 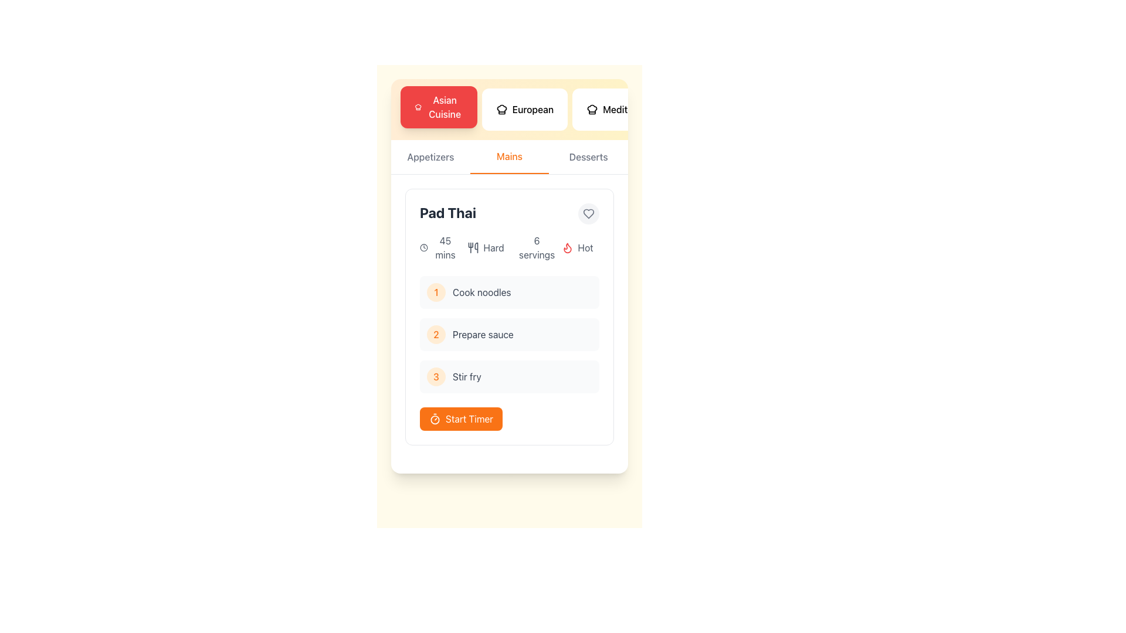 What do you see at coordinates (592, 109) in the screenshot?
I see `the chef's hat icon within the 'Mediterranean' button` at bounding box center [592, 109].